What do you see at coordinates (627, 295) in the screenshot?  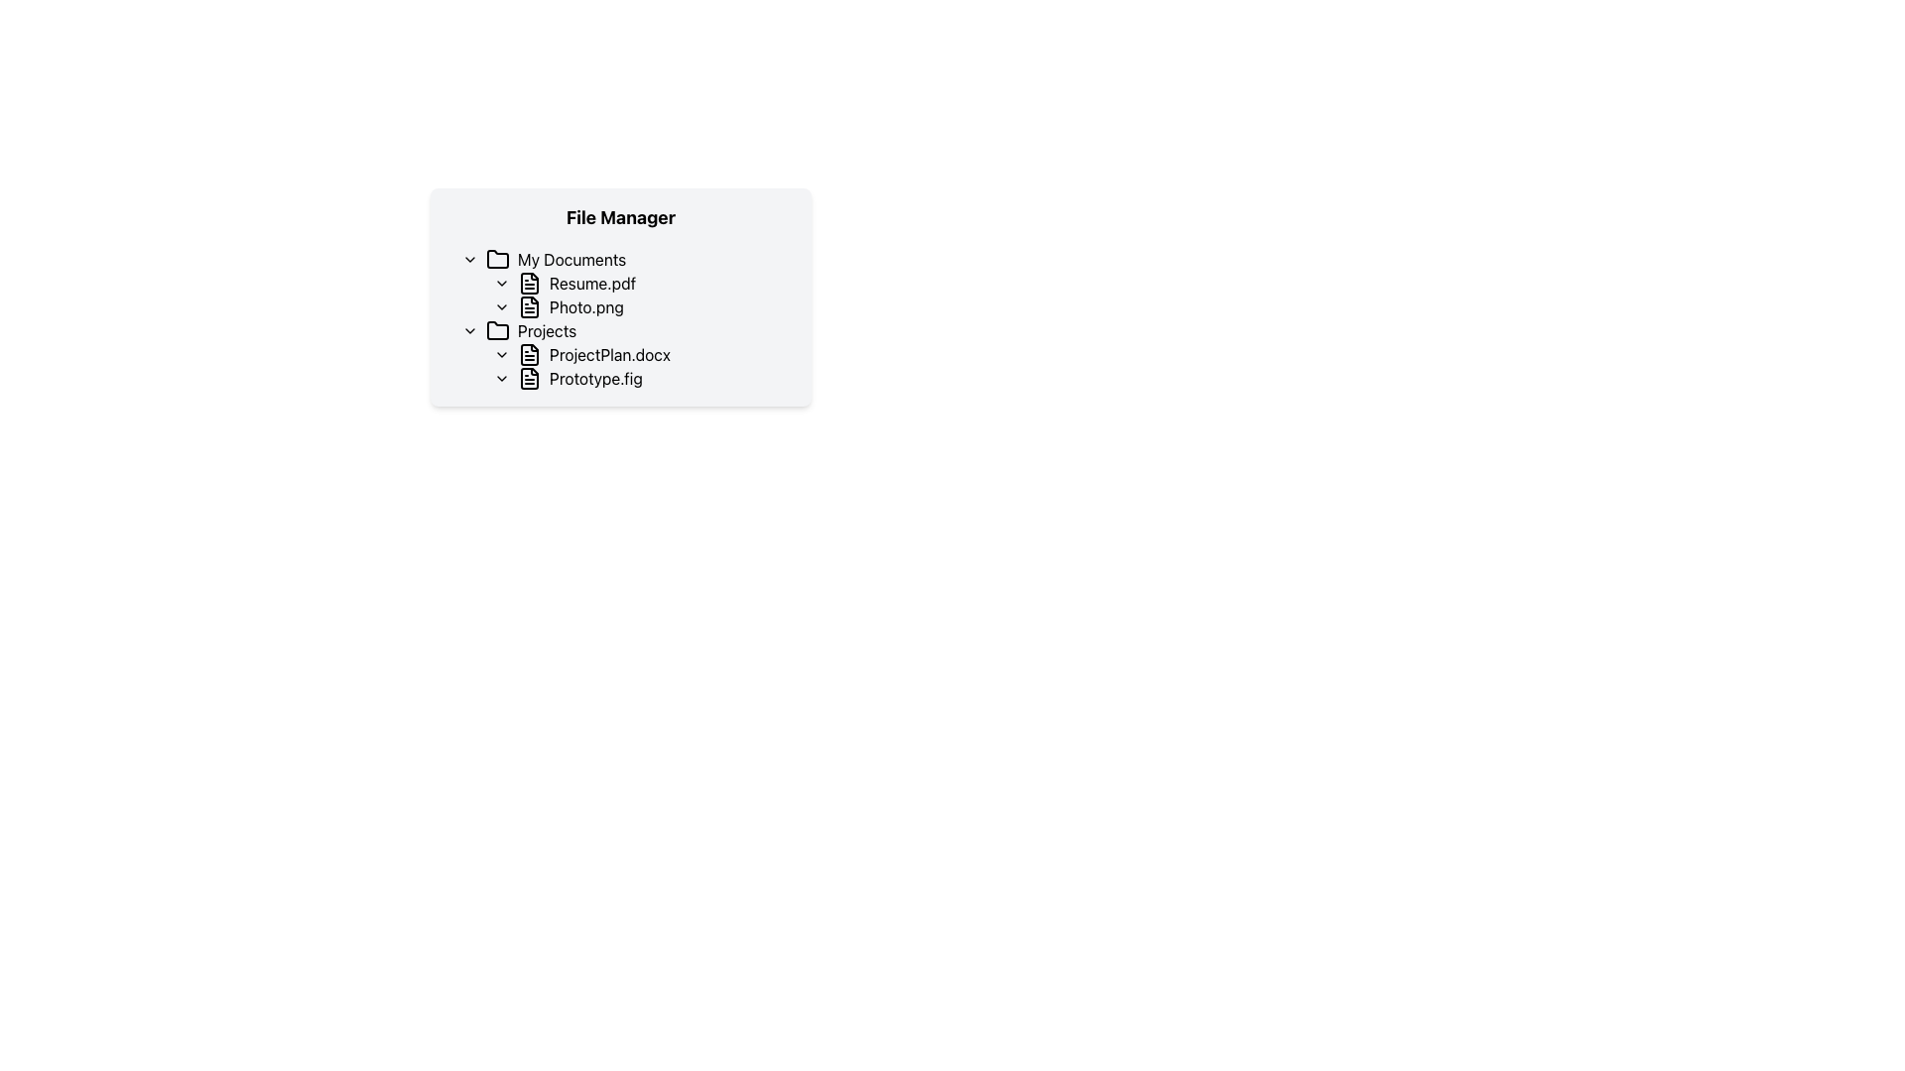 I see `the text display representing filenames in the 'My Documents' folder` at bounding box center [627, 295].